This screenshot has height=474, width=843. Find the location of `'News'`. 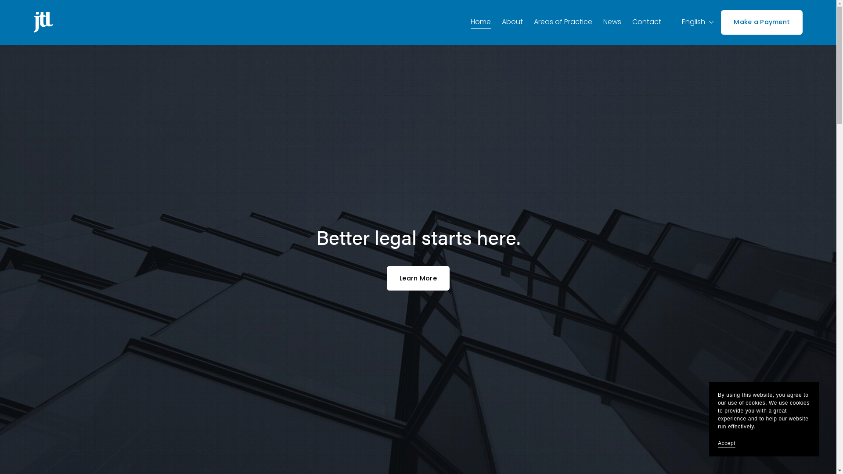

'News' is located at coordinates (612, 22).